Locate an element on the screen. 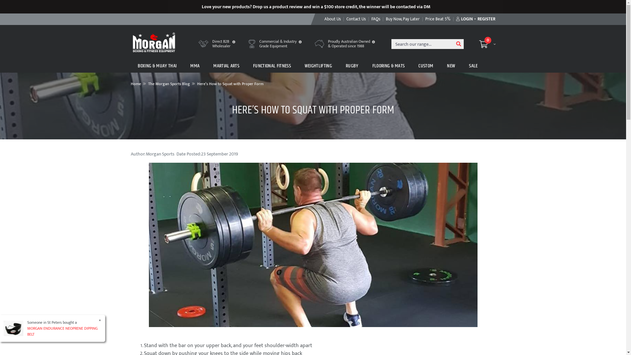 This screenshot has height=355, width=631. 'Morgan Sports' is located at coordinates (153, 42).